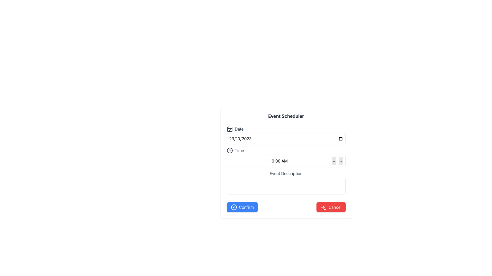  Describe the element at coordinates (233, 207) in the screenshot. I see `the decorative icon that enhances the 'Confirm' button, located to the left of the text 'Confirm'` at that location.